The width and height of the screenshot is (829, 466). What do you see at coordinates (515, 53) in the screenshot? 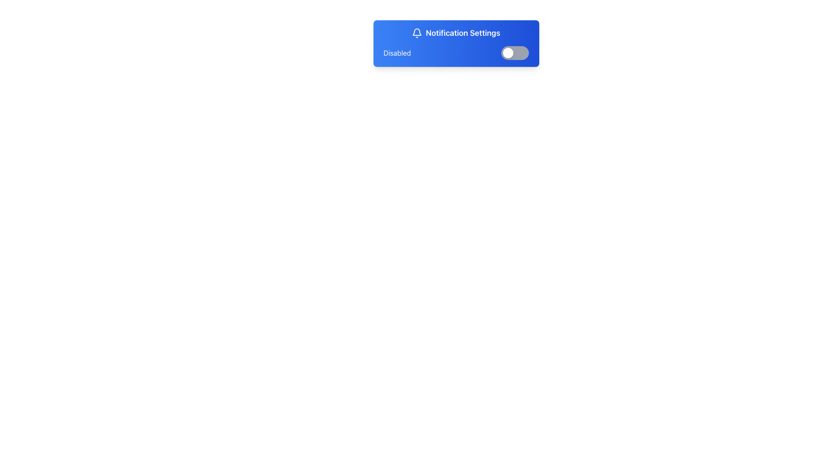
I see `the toggle switch located at the right end of the horizontal bar labeled 'Disabled' in the 'Notification Settings' section to change its state` at bounding box center [515, 53].